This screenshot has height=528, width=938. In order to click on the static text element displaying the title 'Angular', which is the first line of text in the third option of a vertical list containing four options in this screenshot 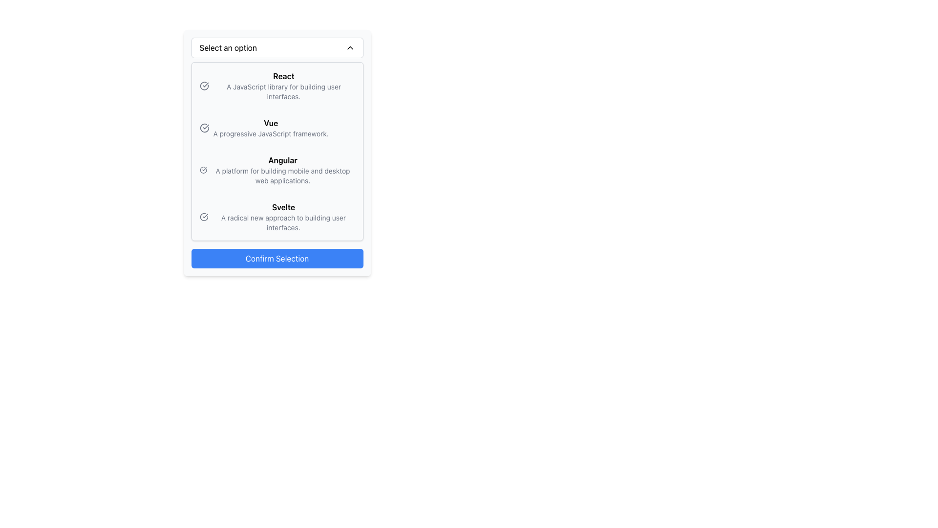, I will do `click(282, 159)`.